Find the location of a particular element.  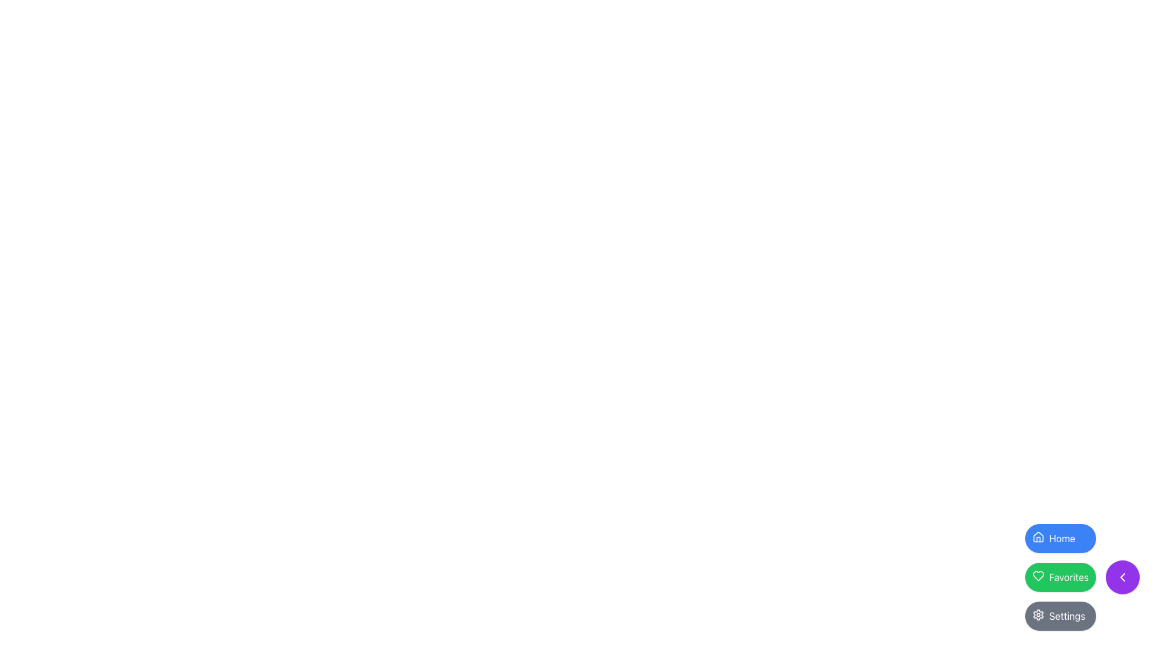

the 'Favorites' button which contains the heart-shaped icon outlined in green, located in the middle-left corner of the button is located at coordinates (1037, 575).